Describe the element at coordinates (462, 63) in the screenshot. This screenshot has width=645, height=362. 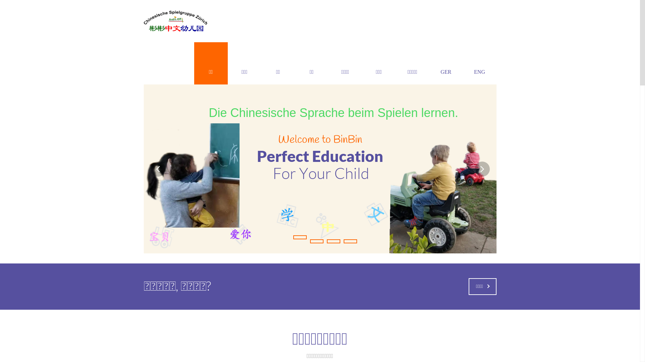
I see `'ENG'` at that location.